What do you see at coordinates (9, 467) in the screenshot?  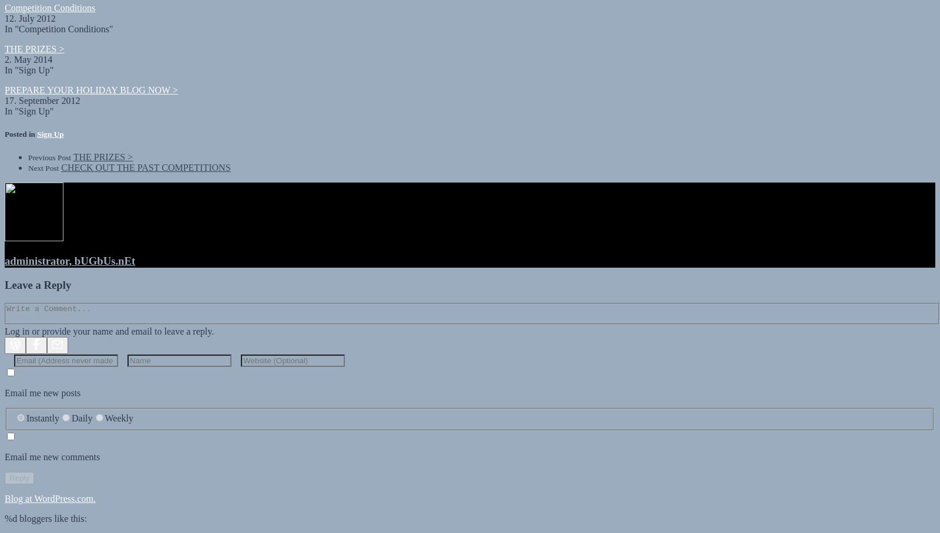 I see `'Reply'` at bounding box center [9, 467].